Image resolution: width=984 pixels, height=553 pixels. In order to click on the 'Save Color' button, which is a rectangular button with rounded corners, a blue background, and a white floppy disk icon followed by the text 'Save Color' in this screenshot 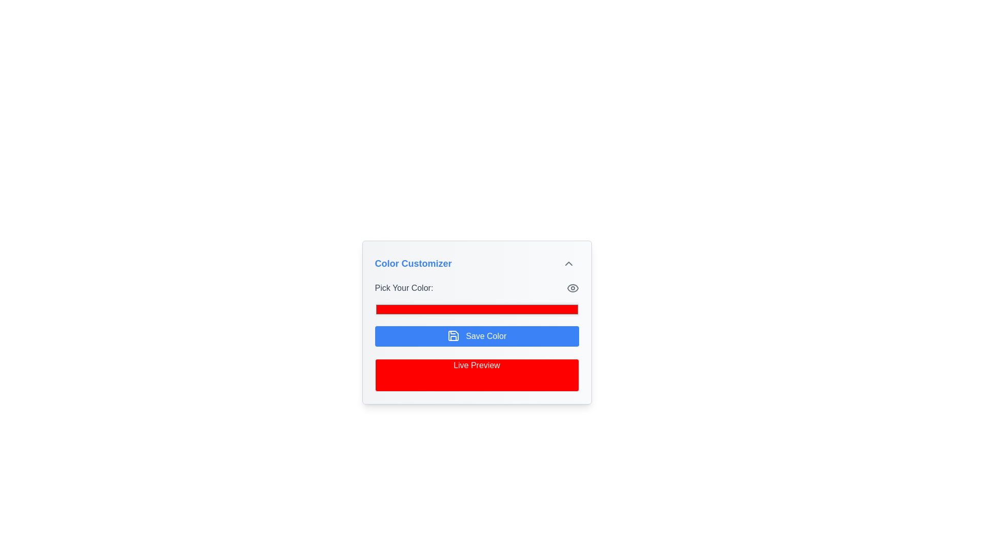, I will do `click(476, 336)`.